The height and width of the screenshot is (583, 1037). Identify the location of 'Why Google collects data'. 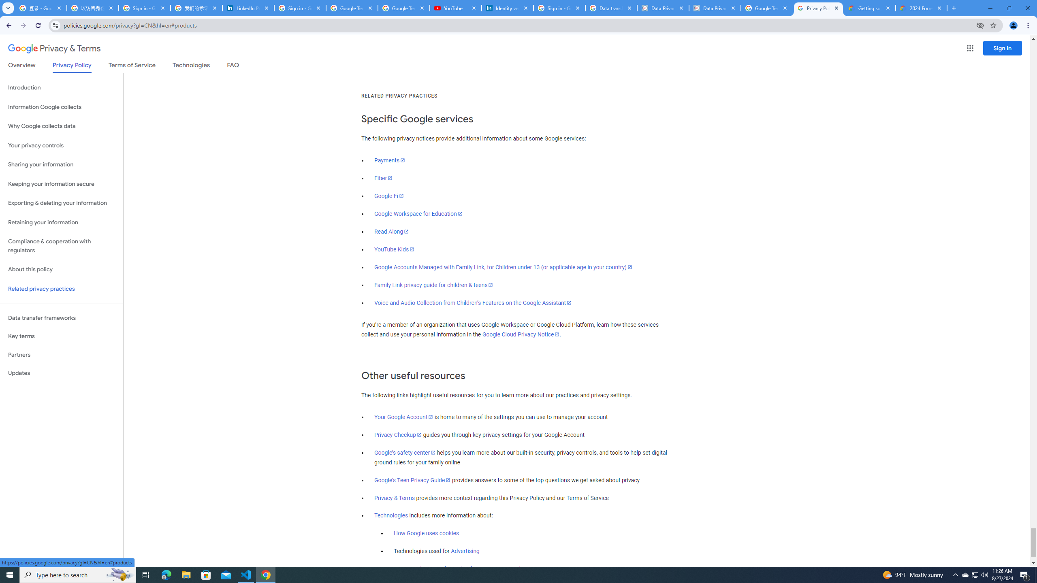
(61, 126).